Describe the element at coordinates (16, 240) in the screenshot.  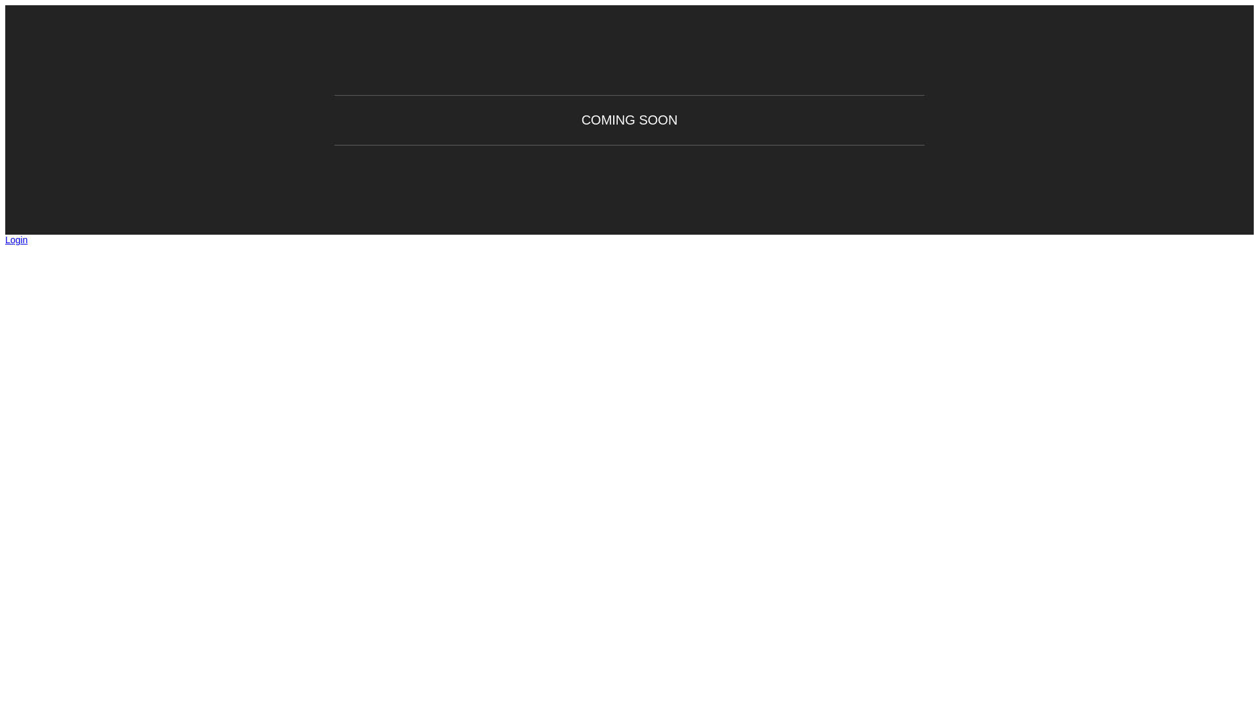
I see `'Login'` at that location.